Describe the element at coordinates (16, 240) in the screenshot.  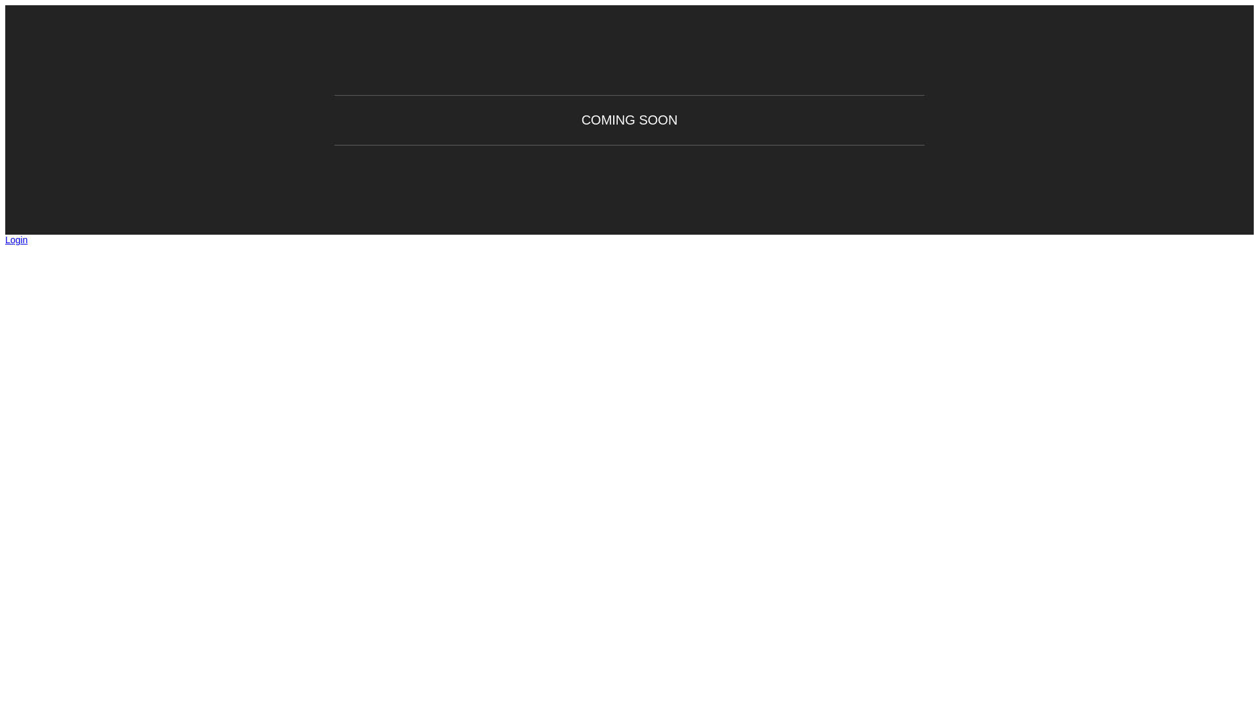
I see `'Login'` at that location.